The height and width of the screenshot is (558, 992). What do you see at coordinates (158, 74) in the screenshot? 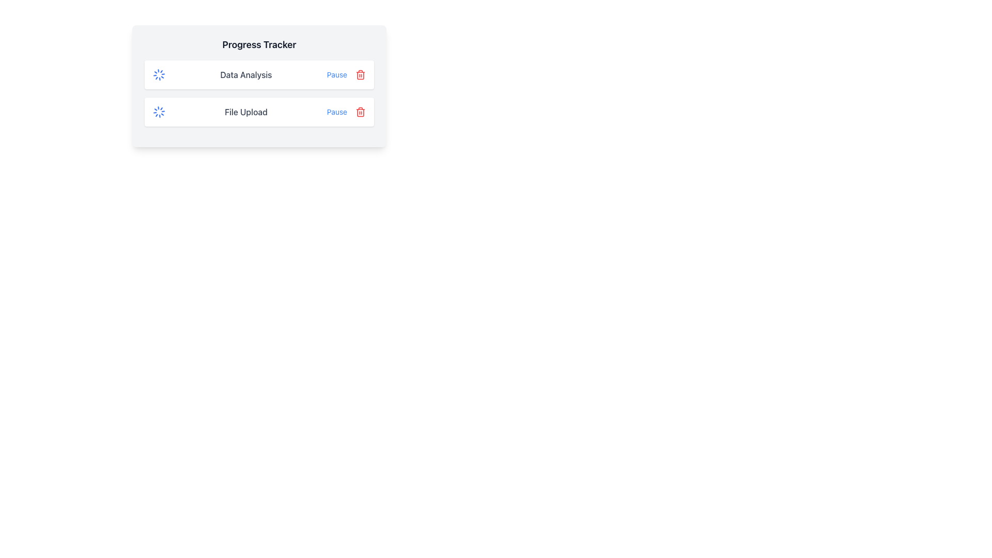
I see `the Animated Spinner Icon indicating that the 'Data Analysis' task is in progress, located on the first row to the far left of the text label 'Data Analysis'` at bounding box center [158, 74].